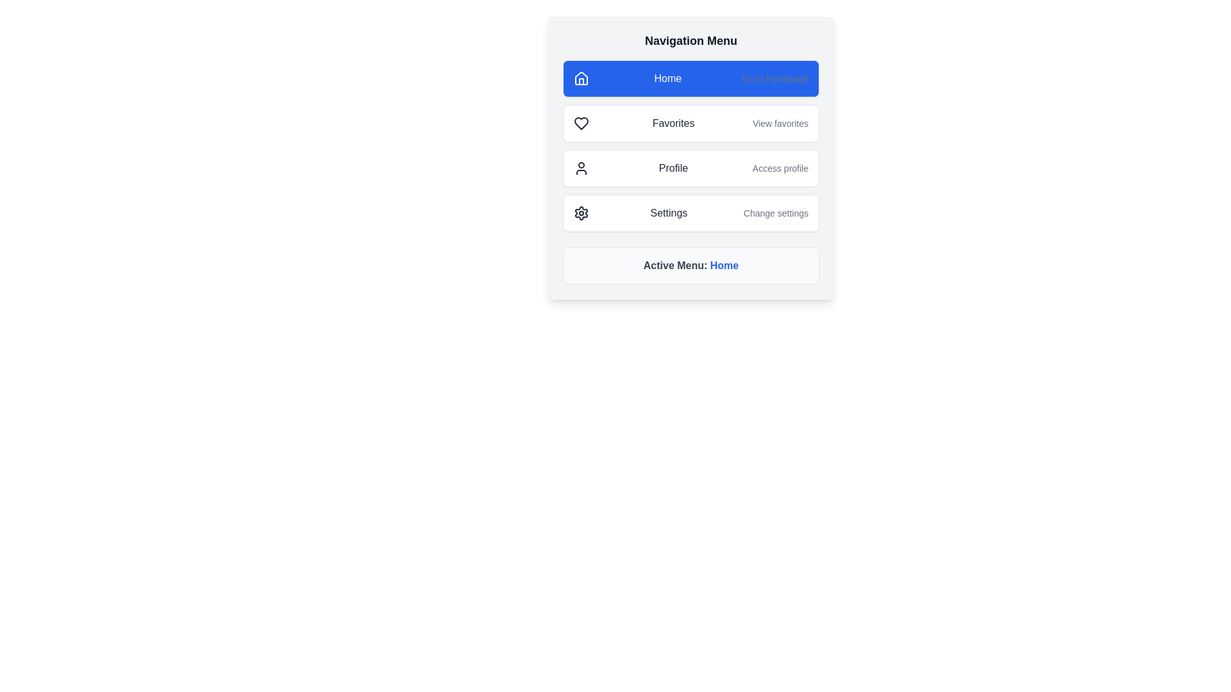 This screenshot has height=692, width=1231. Describe the element at coordinates (581, 167) in the screenshot. I see `the Profile menu option` at that location.